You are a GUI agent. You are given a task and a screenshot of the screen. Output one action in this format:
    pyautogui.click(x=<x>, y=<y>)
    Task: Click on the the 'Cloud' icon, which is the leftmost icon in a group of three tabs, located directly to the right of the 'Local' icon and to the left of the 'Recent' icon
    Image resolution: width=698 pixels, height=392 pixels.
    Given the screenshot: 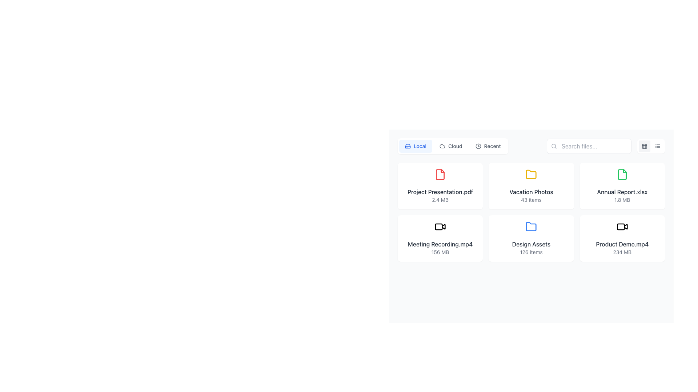 What is the action you would take?
    pyautogui.click(x=442, y=146)
    